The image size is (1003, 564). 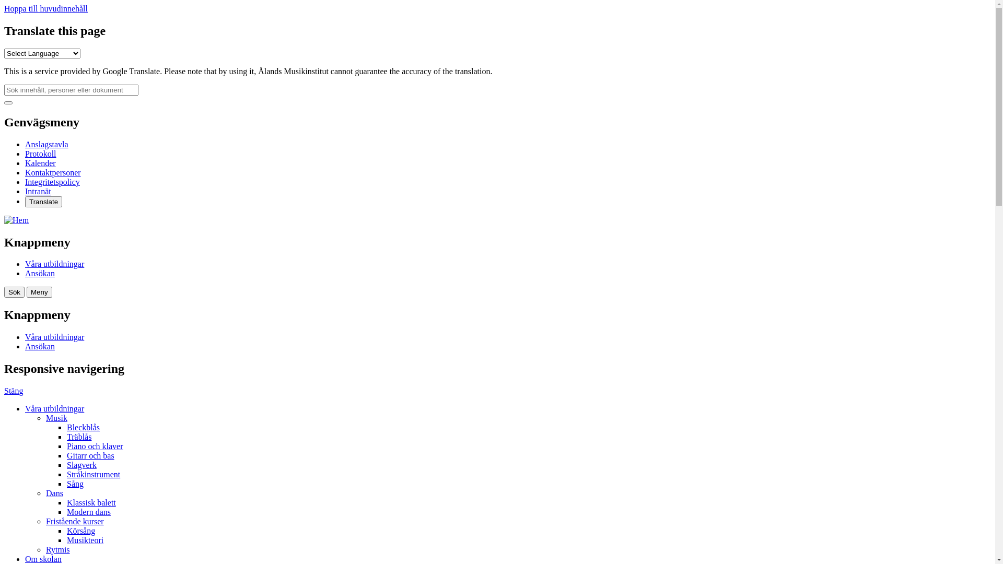 What do you see at coordinates (16, 219) in the screenshot?
I see `'Hem'` at bounding box center [16, 219].